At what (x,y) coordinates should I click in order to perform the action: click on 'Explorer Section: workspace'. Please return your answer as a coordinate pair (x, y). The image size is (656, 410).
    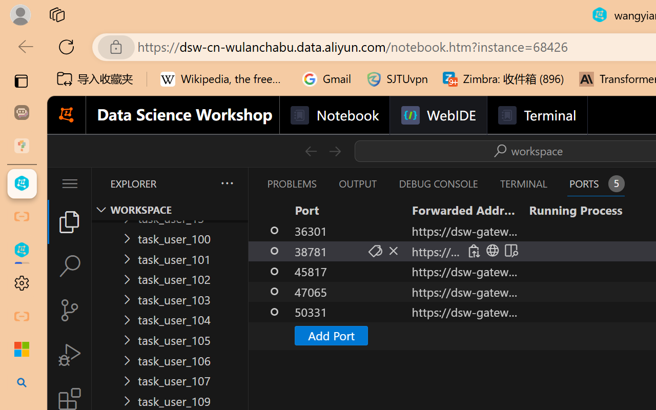
    Looking at the image, I should click on (170, 210).